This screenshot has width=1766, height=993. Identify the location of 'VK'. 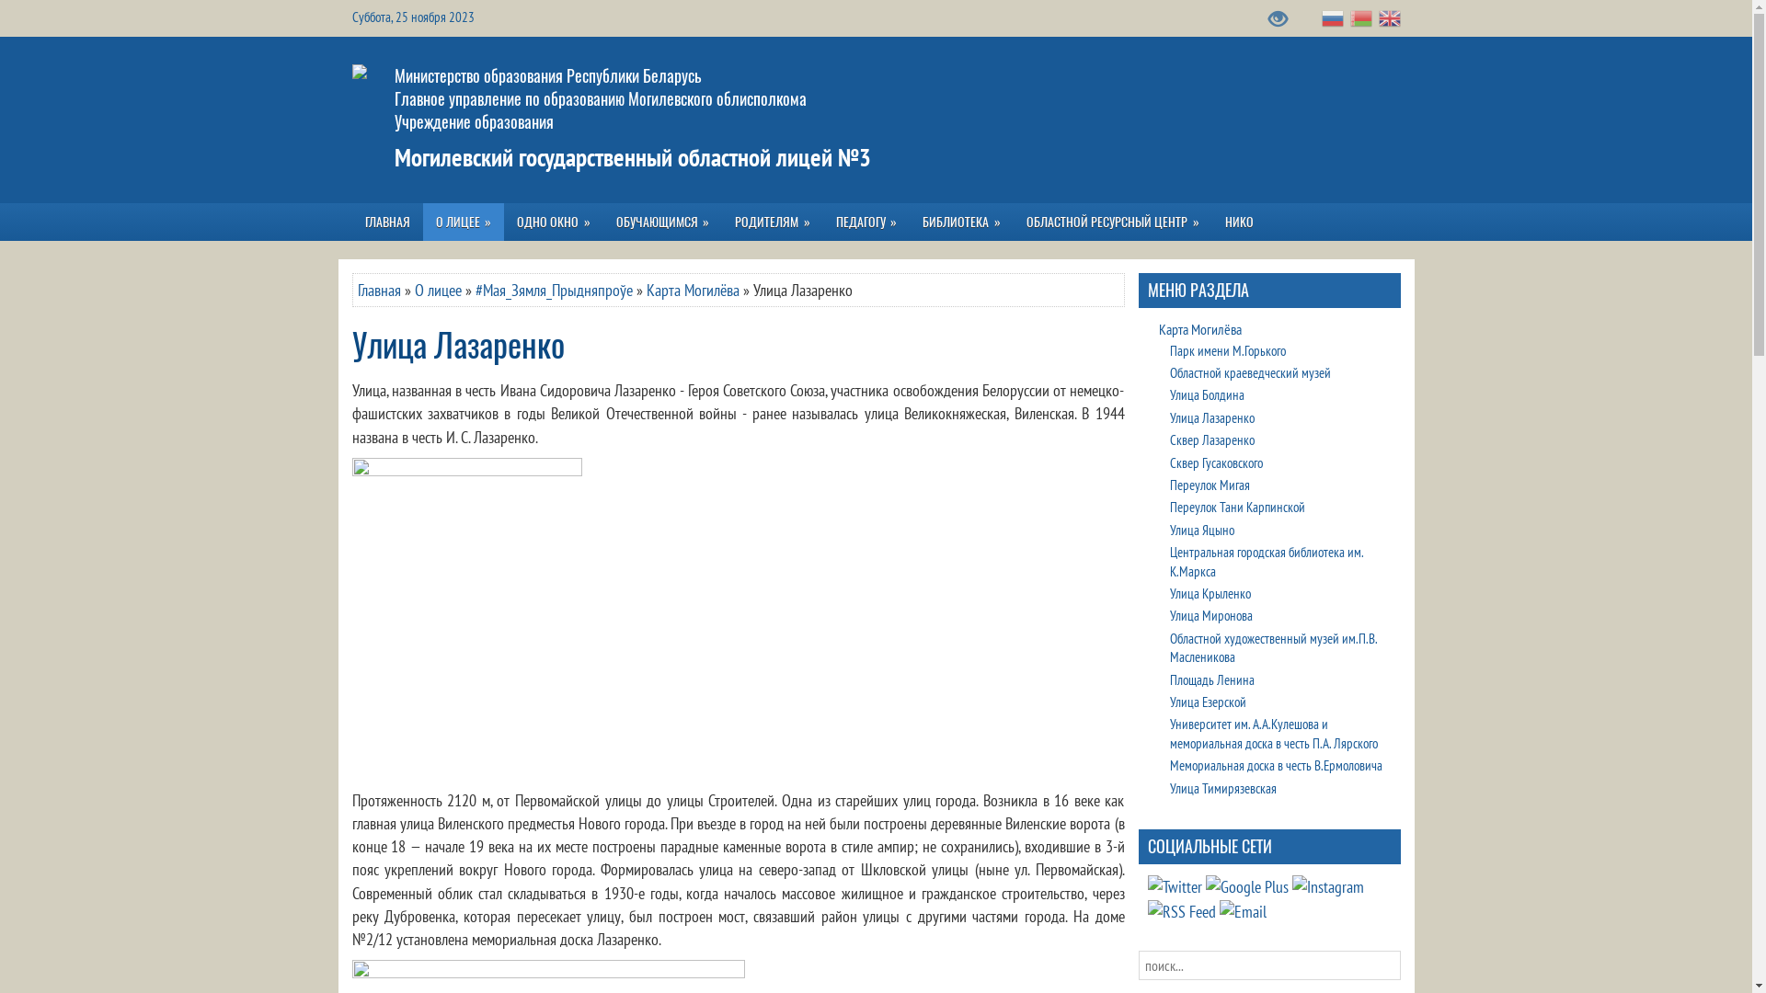
(1174, 885).